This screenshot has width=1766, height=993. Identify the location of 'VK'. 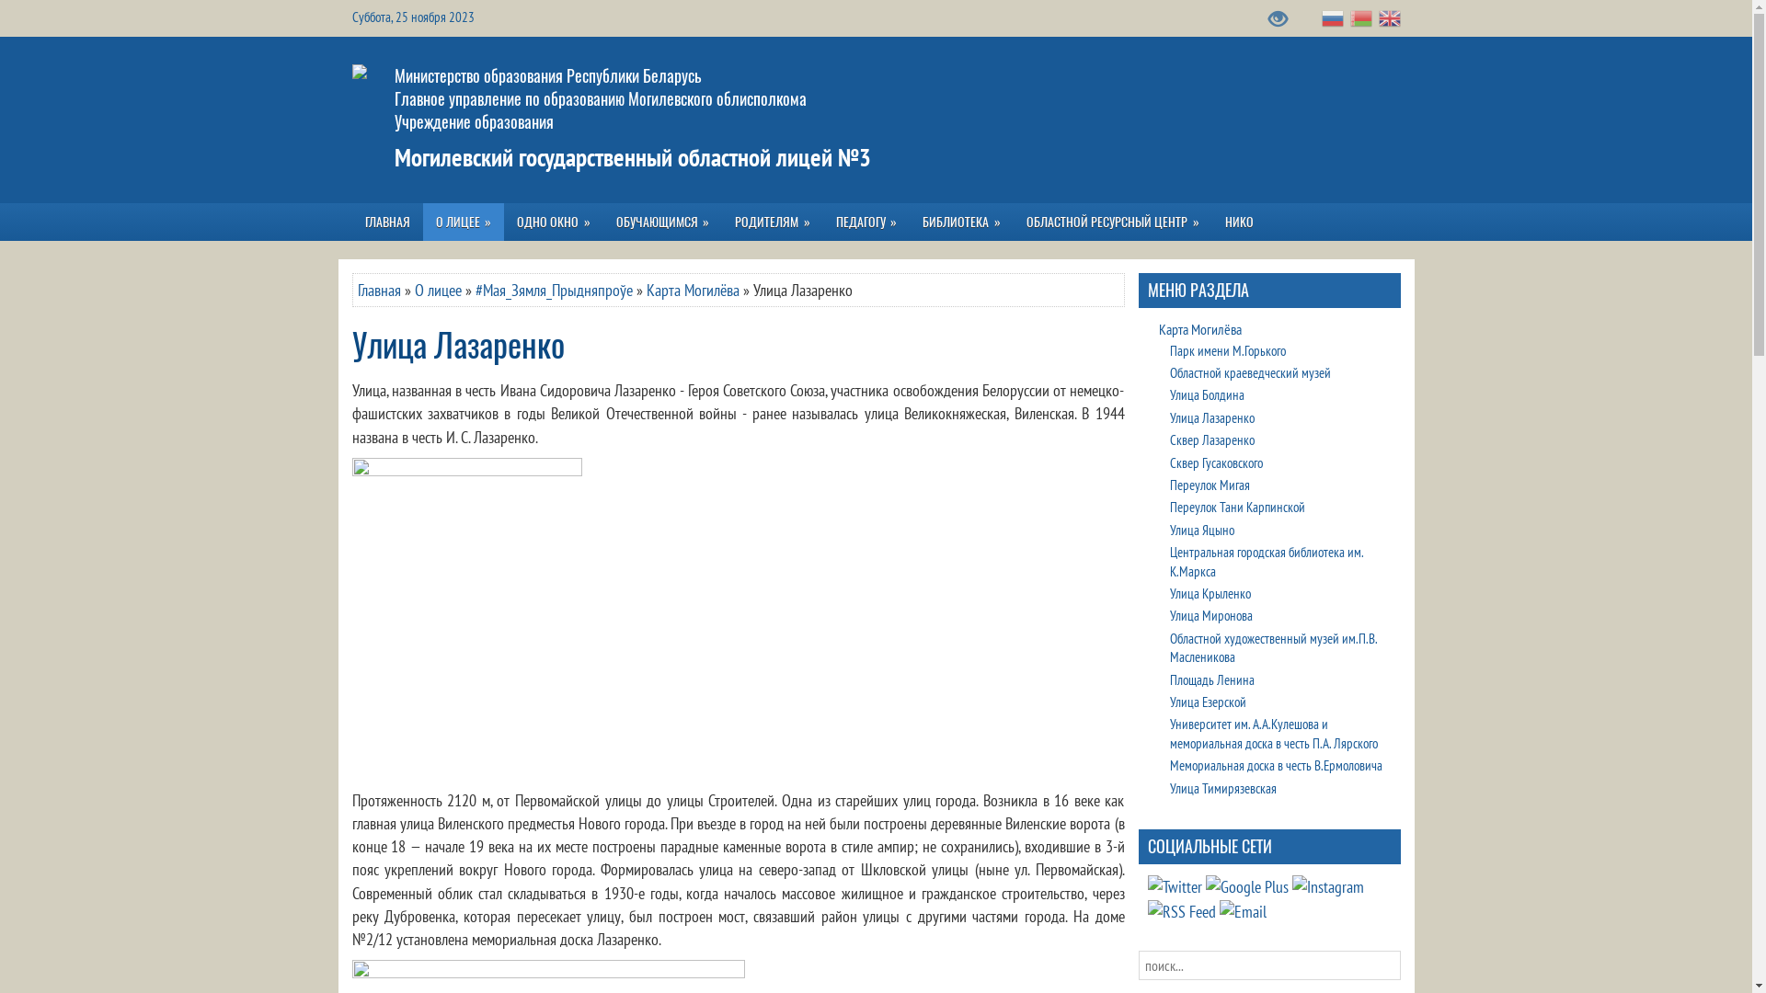
(1174, 885).